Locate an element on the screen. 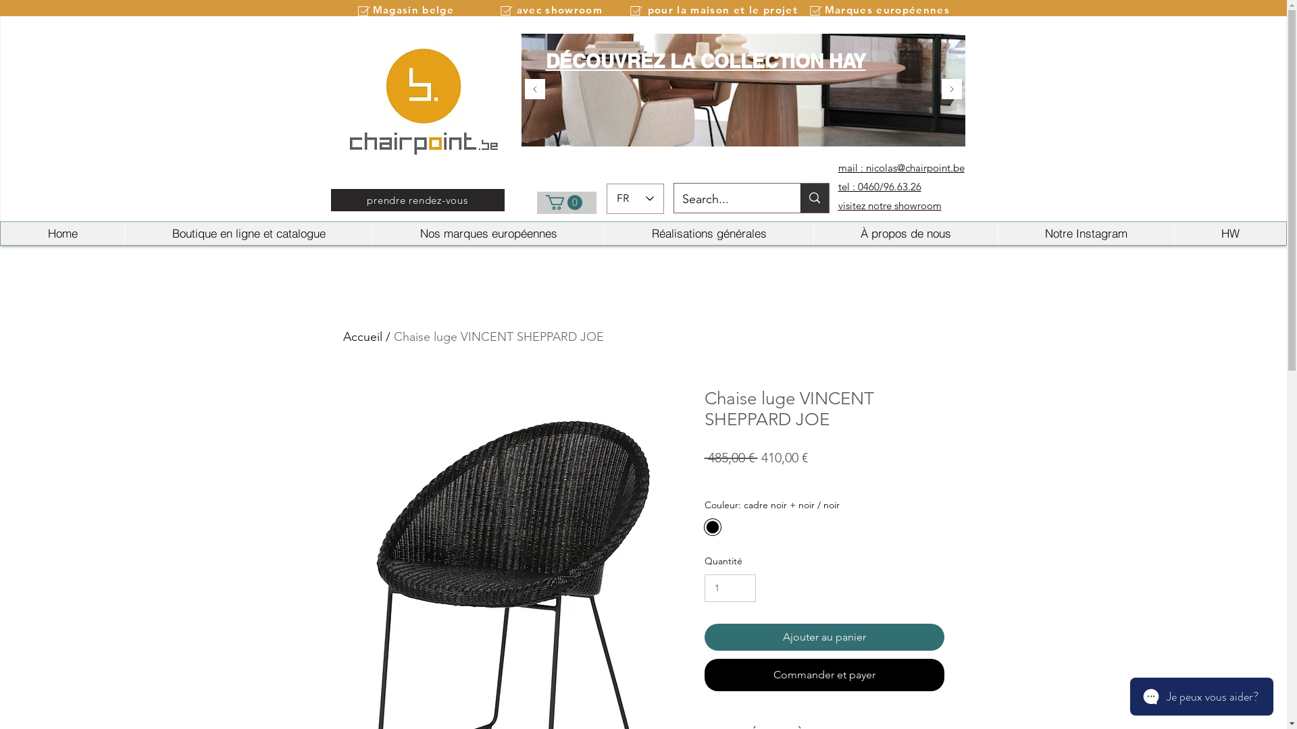 The height and width of the screenshot is (729, 1297). 'Boutique en ligne et catalogue' is located at coordinates (248, 233).